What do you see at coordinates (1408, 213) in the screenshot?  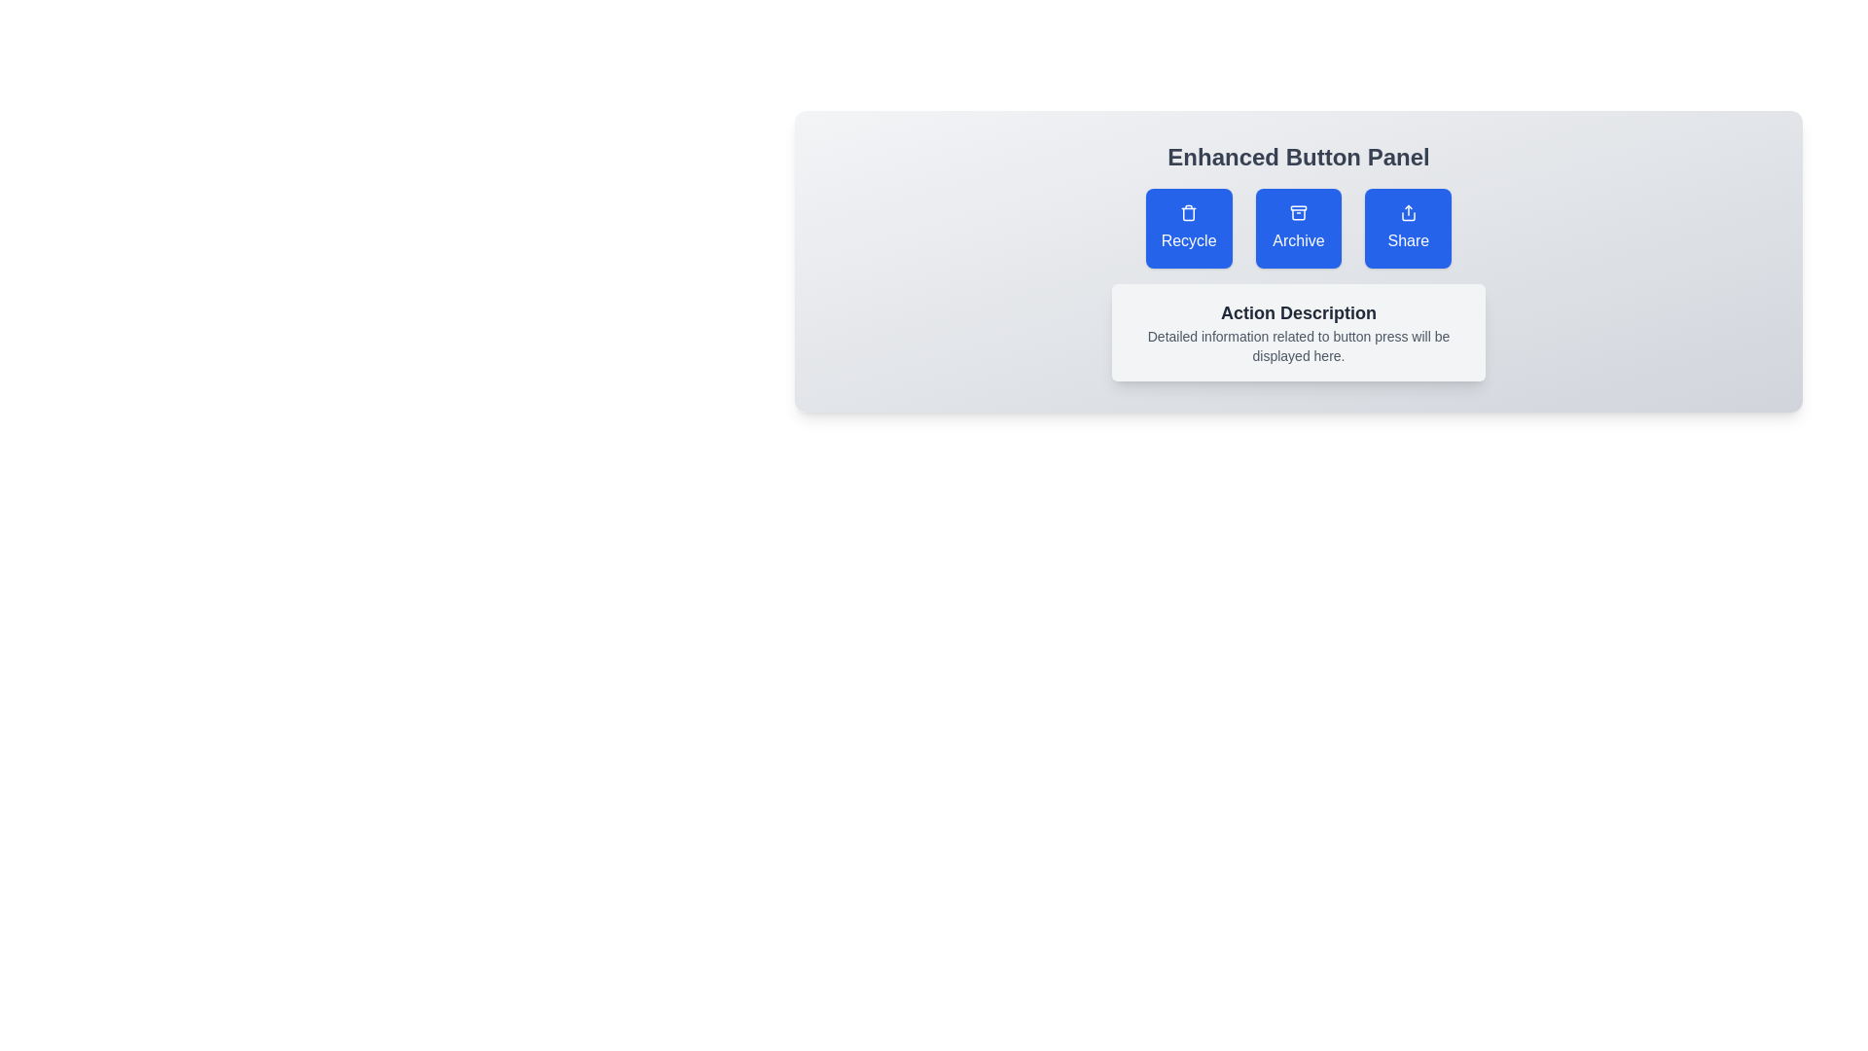 I see `the share icon, which features an upward arrow emerging from a box and is located within the 'Share' button in the 'Enhanced Button Panel.'` at bounding box center [1408, 213].